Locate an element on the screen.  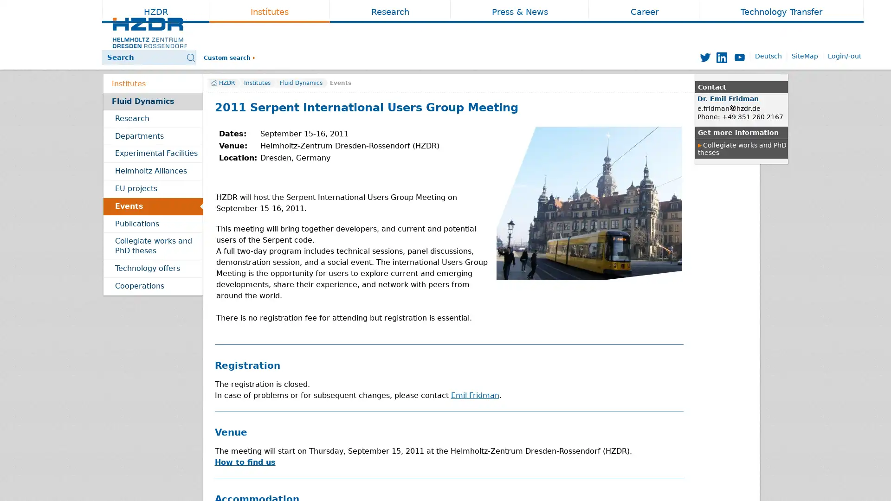
Search is located at coordinates (291, 58).